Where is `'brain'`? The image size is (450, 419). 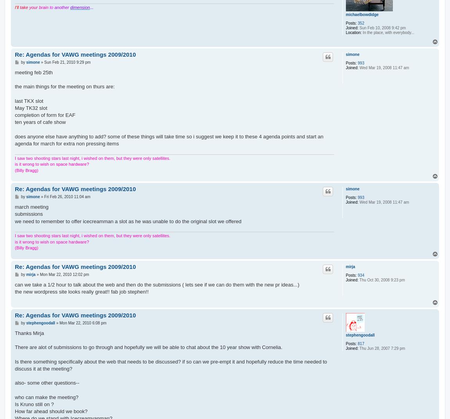
'brain' is located at coordinates (43, 7).